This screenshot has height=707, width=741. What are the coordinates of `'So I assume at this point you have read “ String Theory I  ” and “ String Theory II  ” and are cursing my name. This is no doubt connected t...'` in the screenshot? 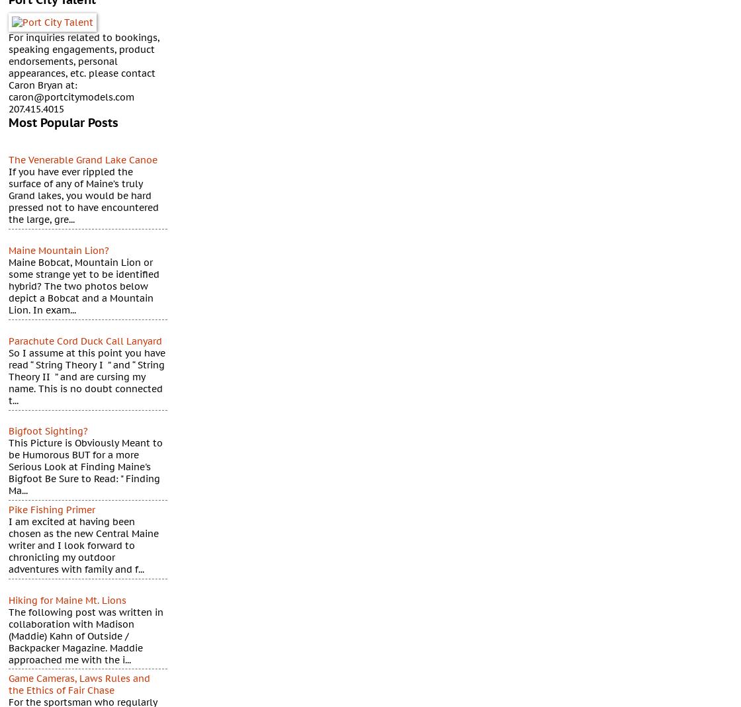 It's located at (87, 376).